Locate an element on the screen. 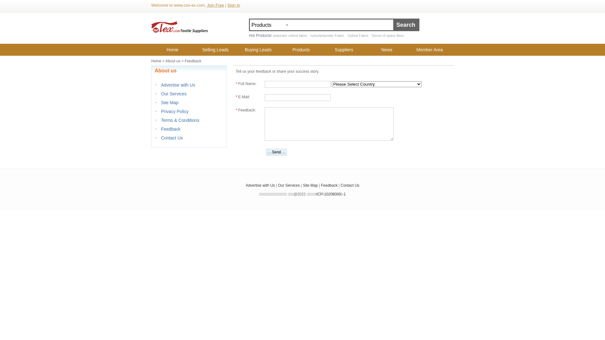 This screenshot has height=340, width=605. 'nylon/polyester Fabric' is located at coordinates (327, 35).